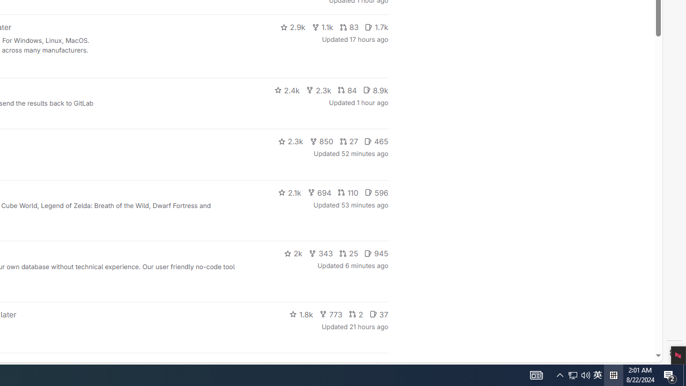 The image size is (686, 386). What do you see at coordinates (289, 191) in the screenshot?
I see `'2.1k'` at bounding box center [289, 191].